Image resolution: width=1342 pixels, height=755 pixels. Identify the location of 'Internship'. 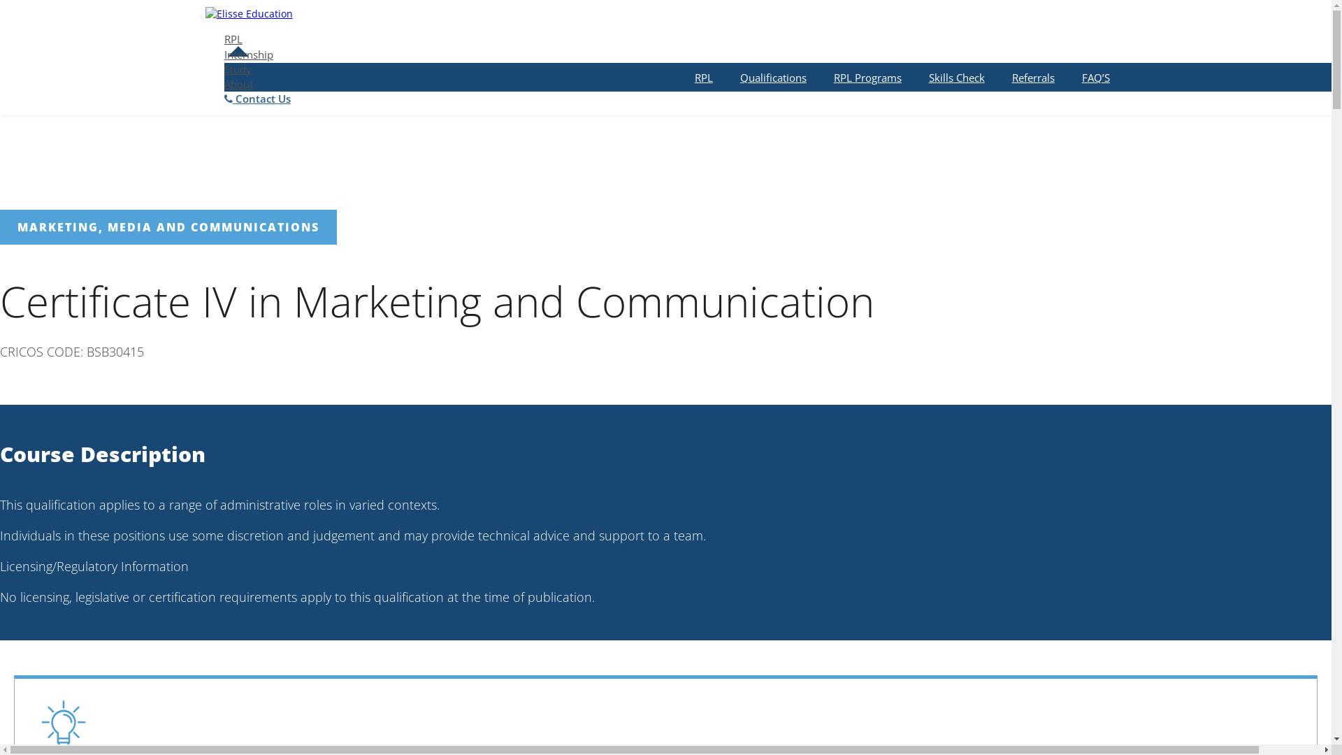
(248, 53).